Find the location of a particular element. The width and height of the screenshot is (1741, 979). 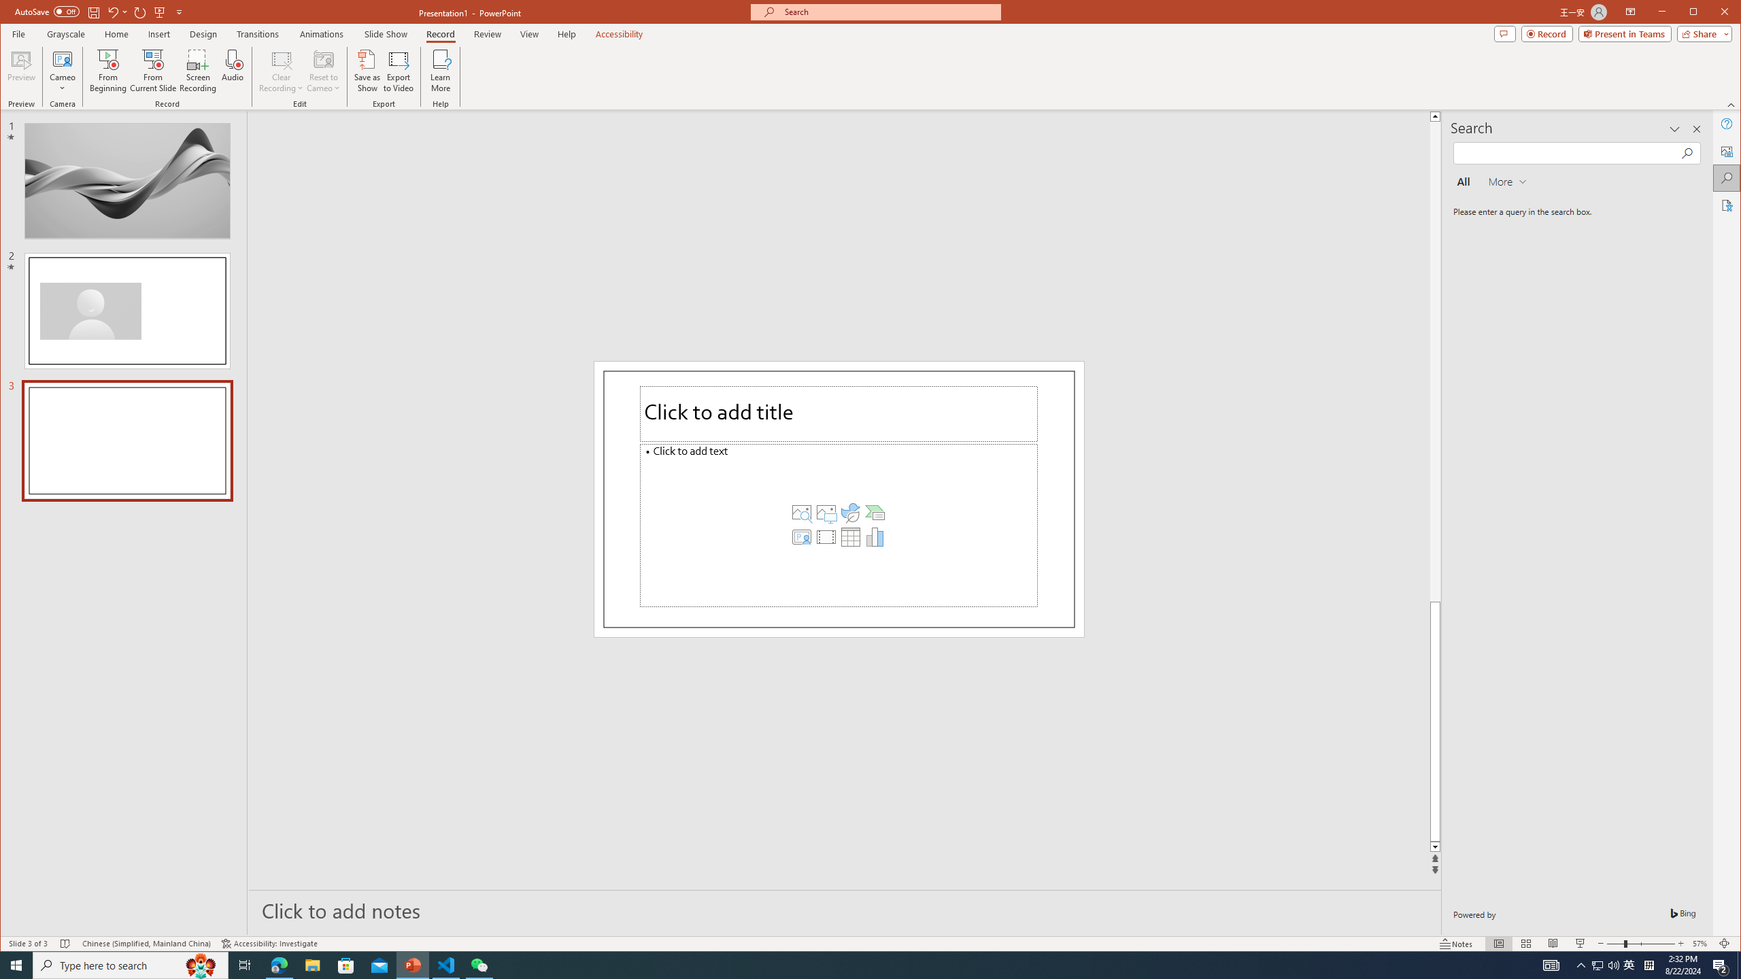

'Insert Cameo' is located at coordinates (801, 536).